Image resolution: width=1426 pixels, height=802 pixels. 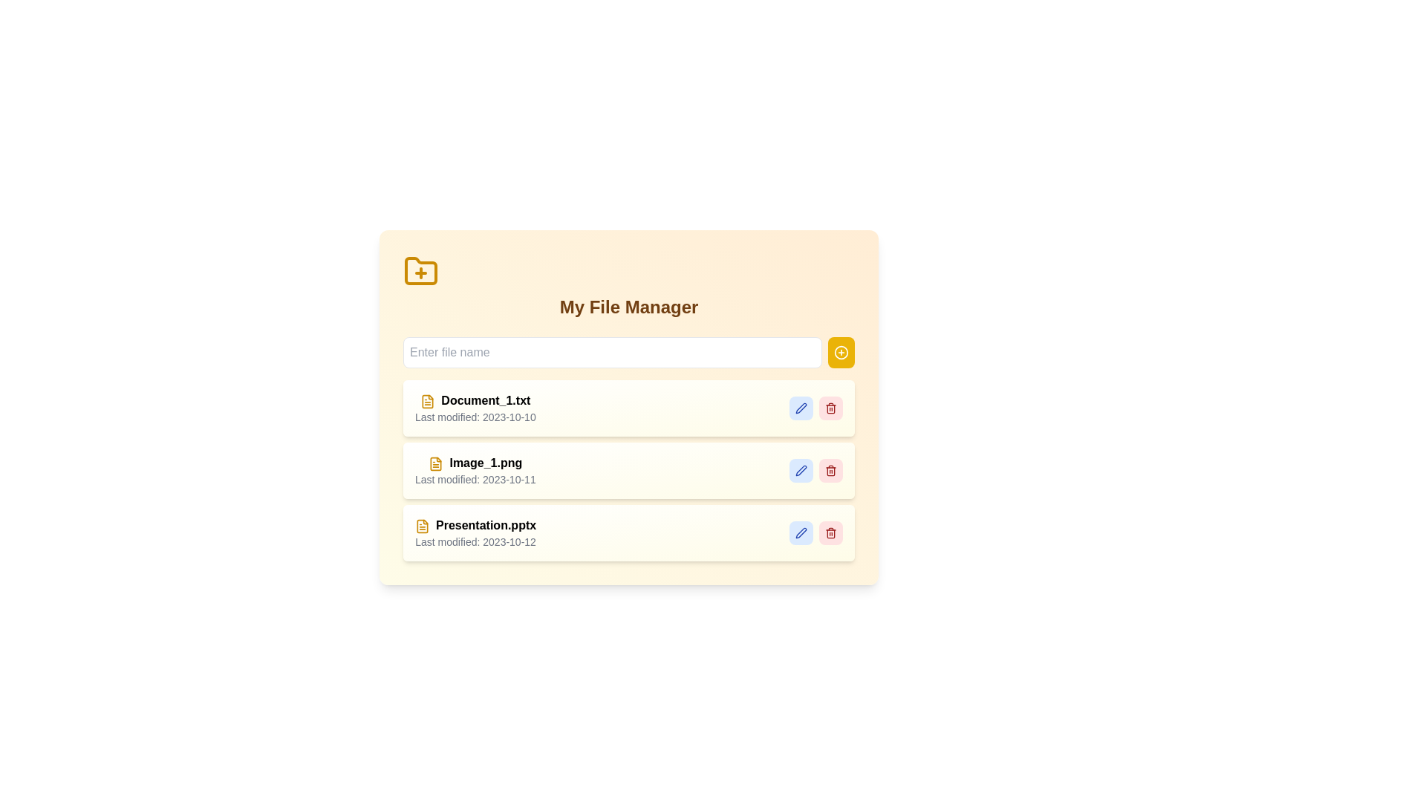 I want to click on the edit button located to the right of the 'Document_1.txt' file entry in the file manager interface to initiate edit, so click(x=801, y=408).